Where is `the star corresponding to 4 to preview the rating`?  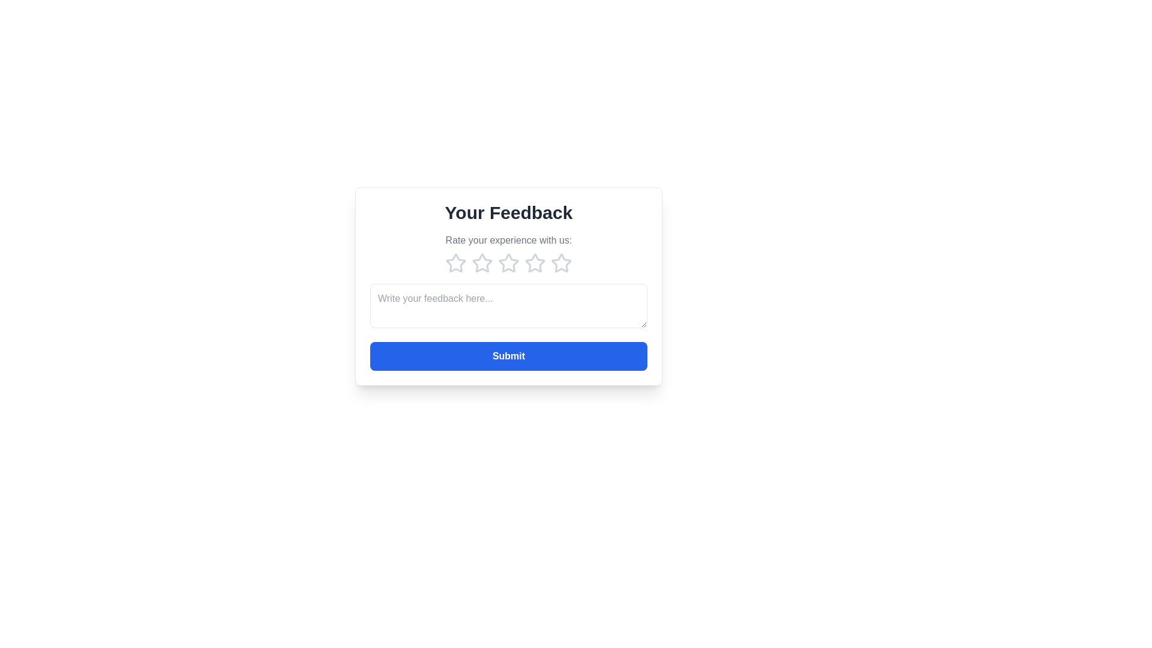 the star corresponding to 4 to preview the rating is located at coordinates (535, 263).